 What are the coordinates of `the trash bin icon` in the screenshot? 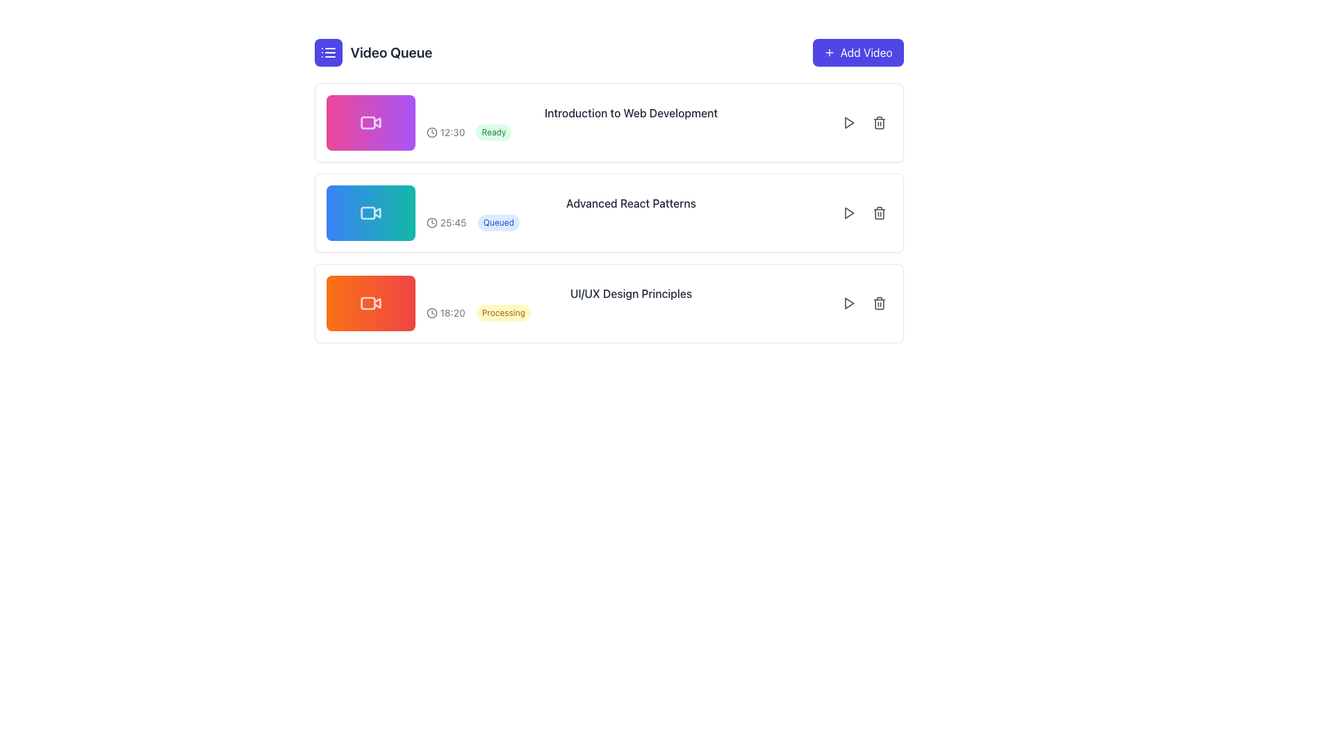 It's located at (878, 122).